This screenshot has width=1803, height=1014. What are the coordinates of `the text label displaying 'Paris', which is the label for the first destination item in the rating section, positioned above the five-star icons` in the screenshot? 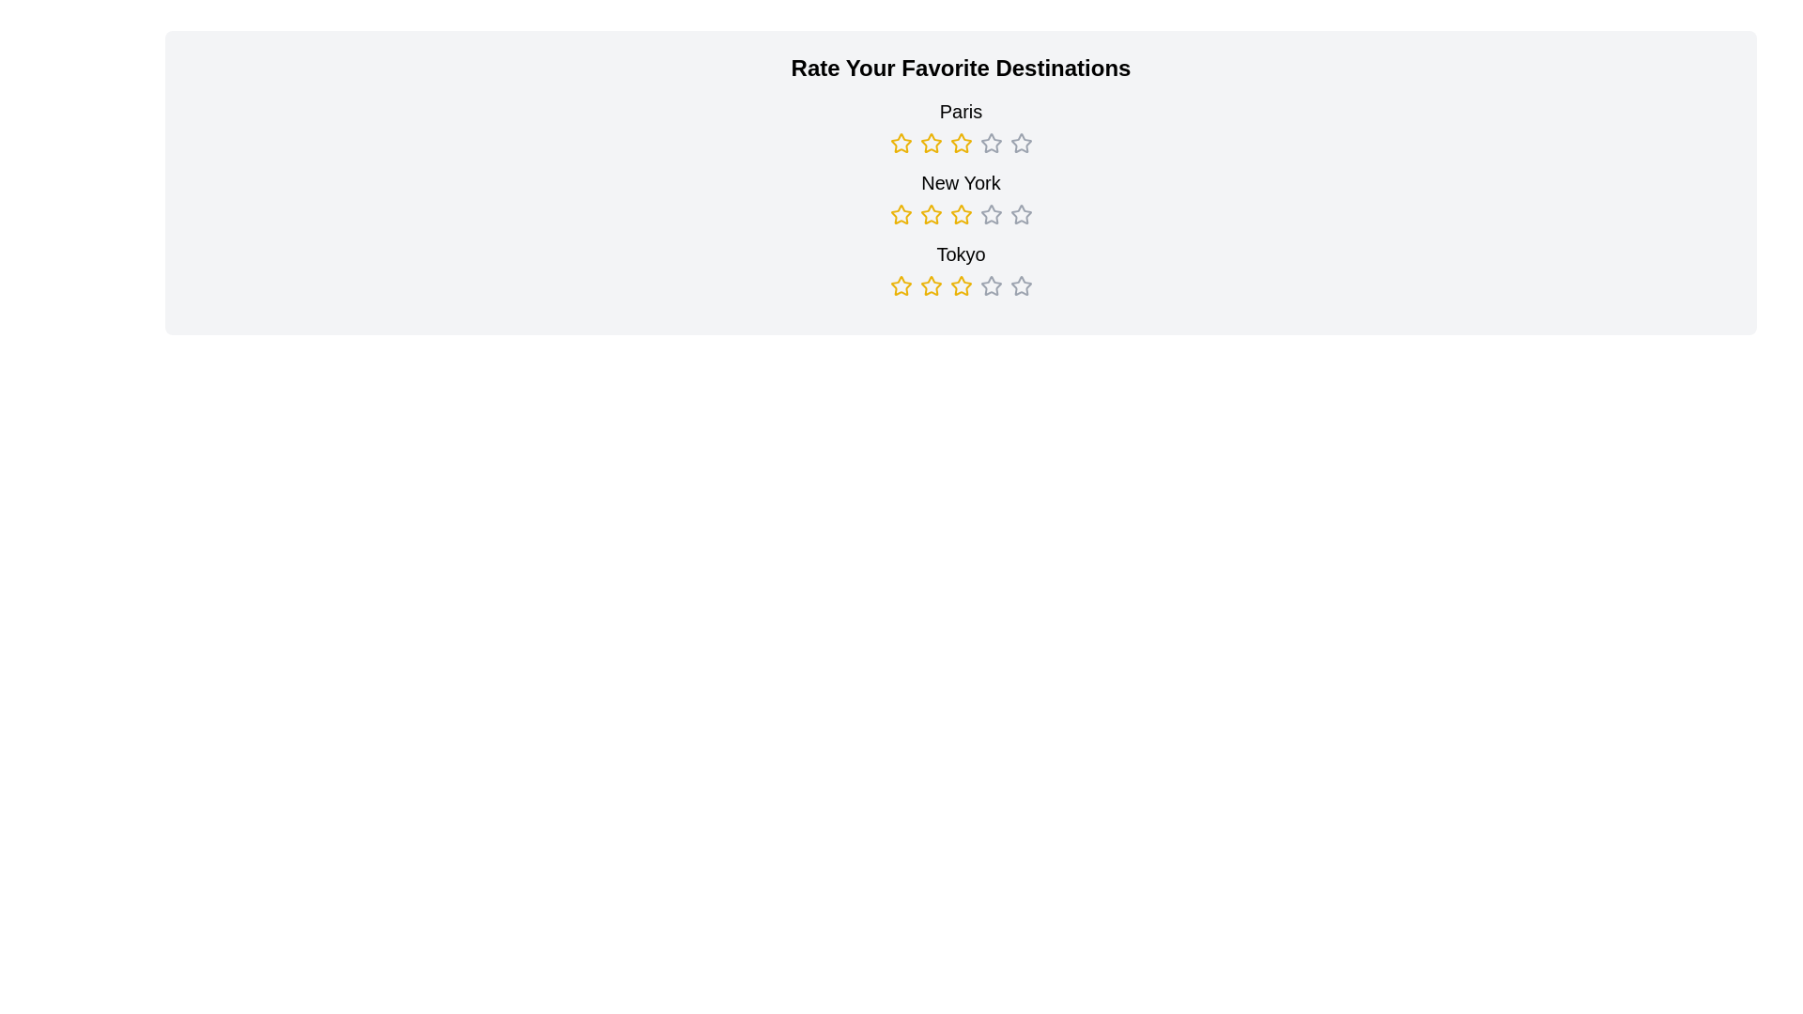 It's located at (961, 112).